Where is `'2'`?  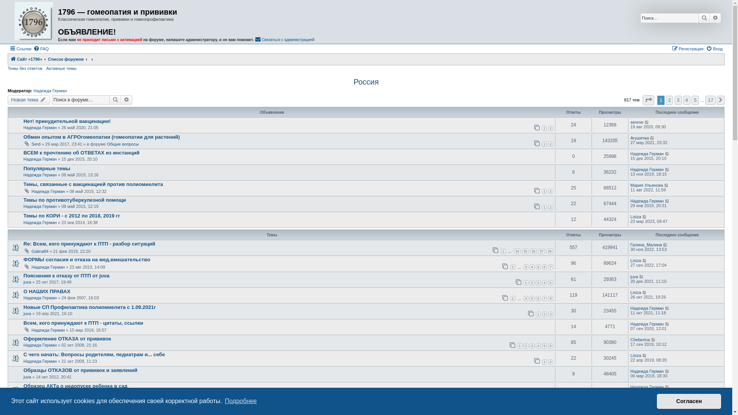 '2' is located at coordinates (550, 144).